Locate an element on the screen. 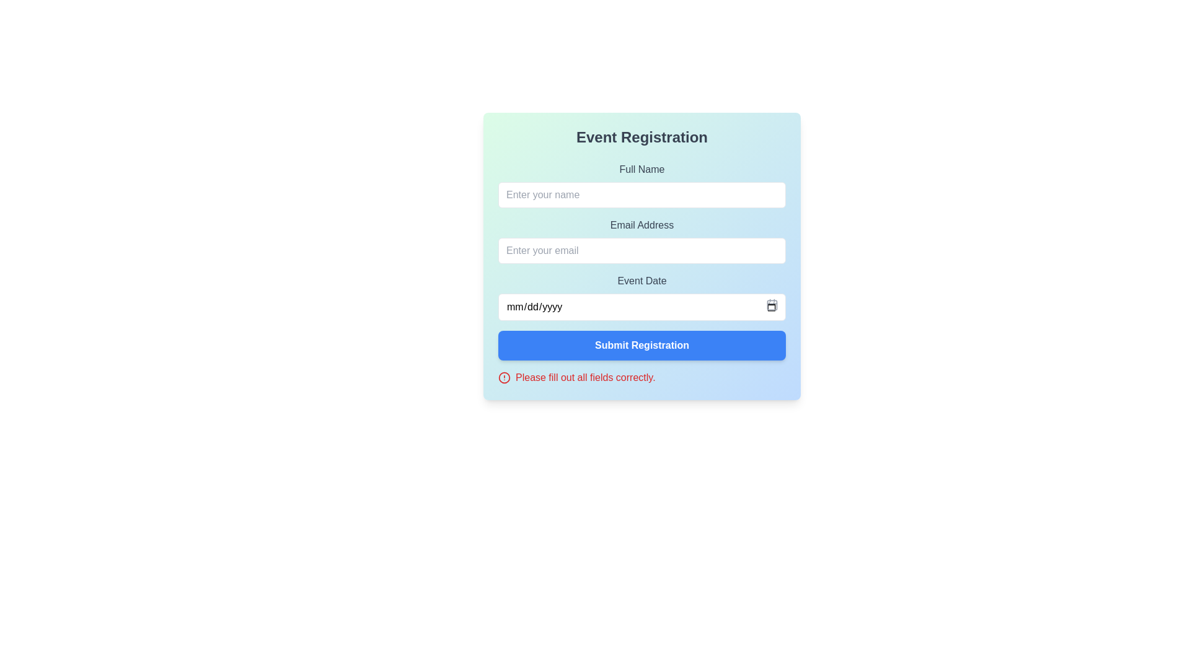  the email input field labeled 'Event Registration' to focus on it is located at coordinates (642, 241).